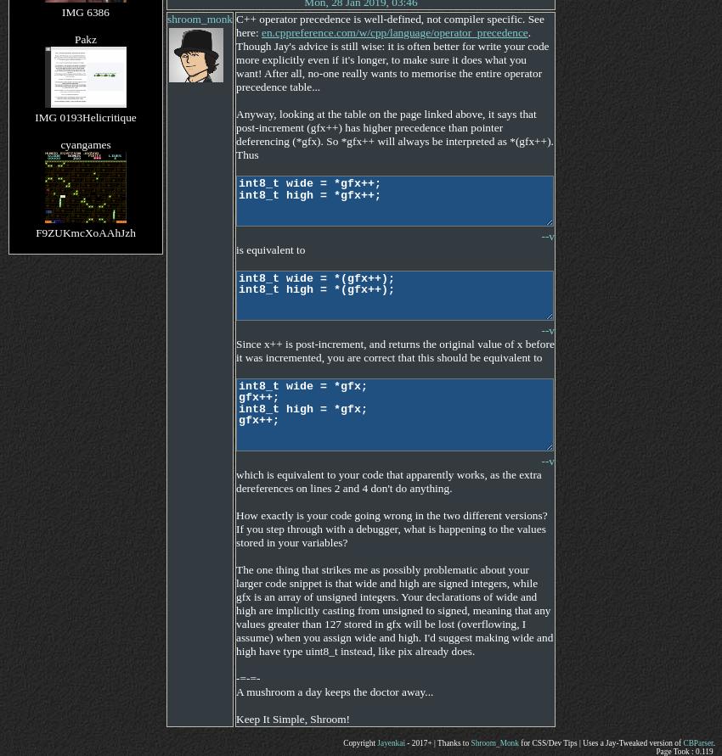  Describe the element at coordinates (84, 231) in the screenshot. I see `'F9ZUKmcXoAAhJzh'` at that location.